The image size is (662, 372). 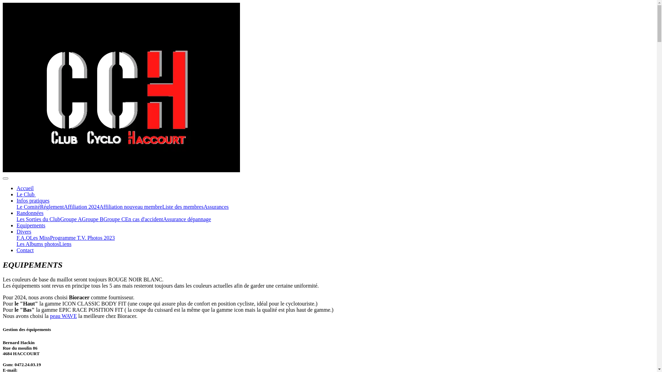 I want to click on 'Affiliation nouveau membre', so click(x=99, y=206).